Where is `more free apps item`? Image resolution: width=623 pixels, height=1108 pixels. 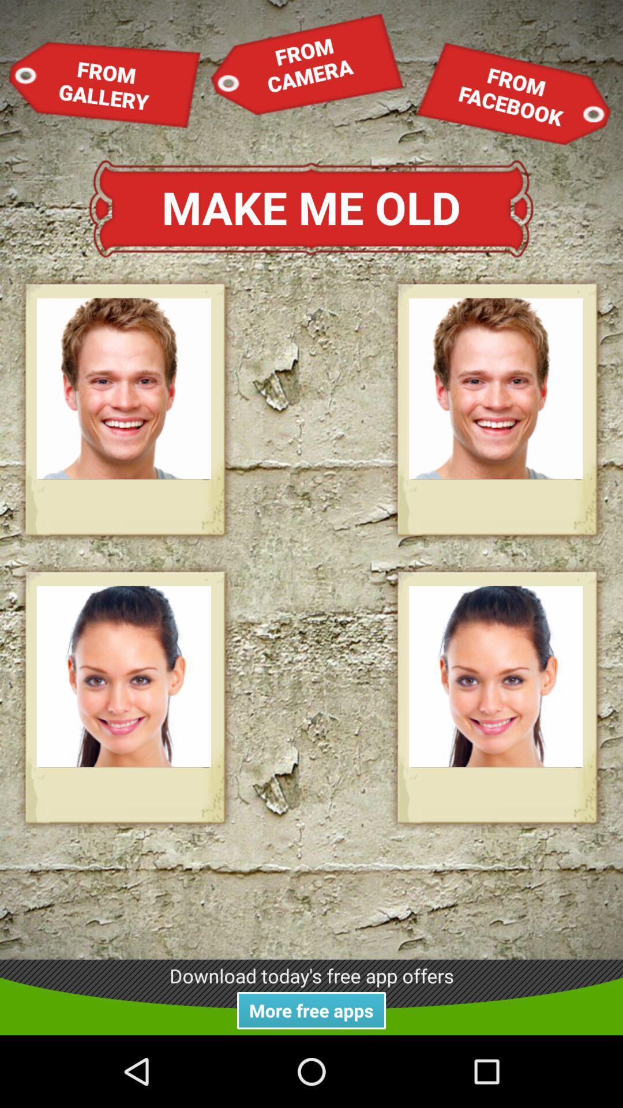
more free apps item is located at coordinates (311, 1010).